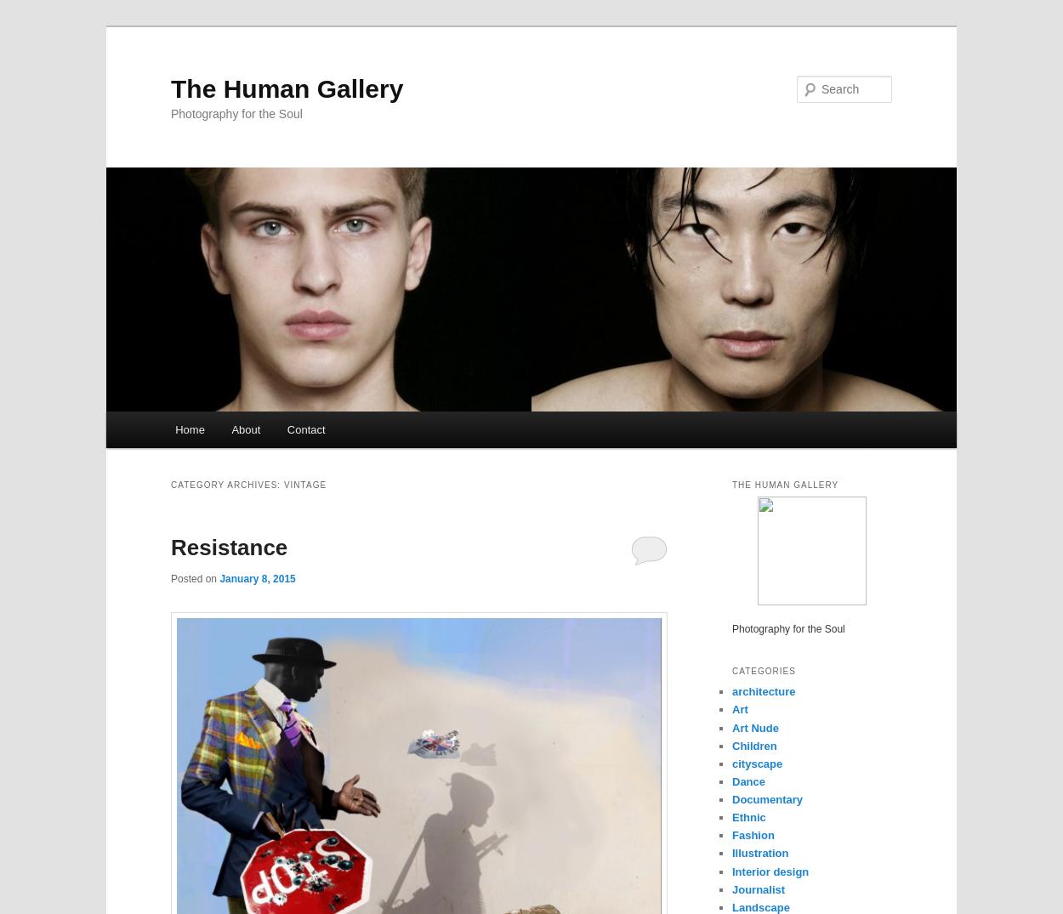  Describe the element at coordinates (257, 578) in the screenshot. I see `'January 8, 2015'` at that location.